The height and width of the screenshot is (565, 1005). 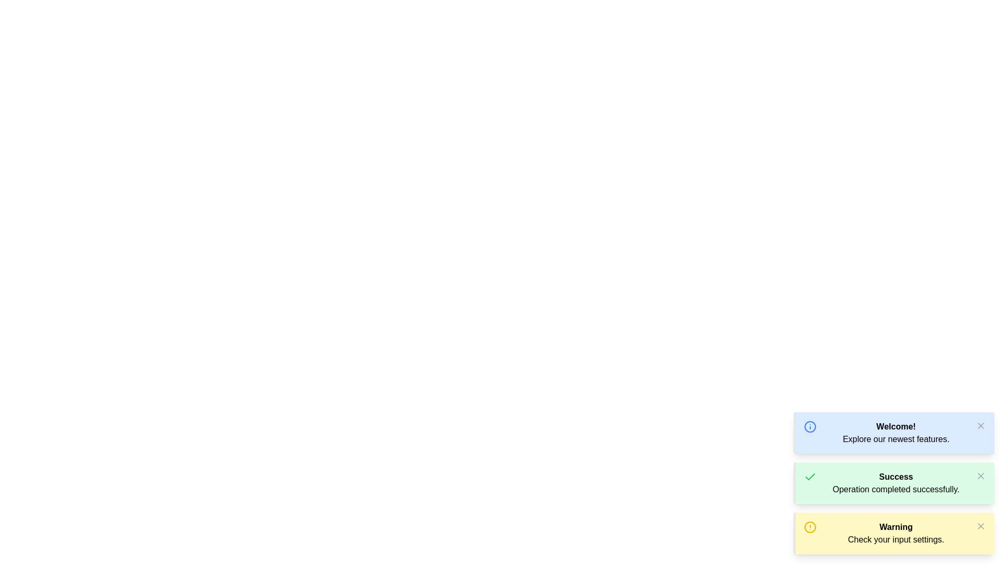 What do you see at coordinates (810, 427) in the screenshot?
I see `the circular information icon styled as an 'i' within a blue circle, located at the top-left corner of the blue notification card that contains the text 'Welcome! Explore our newest features.'` at bounding box center [810, 427].